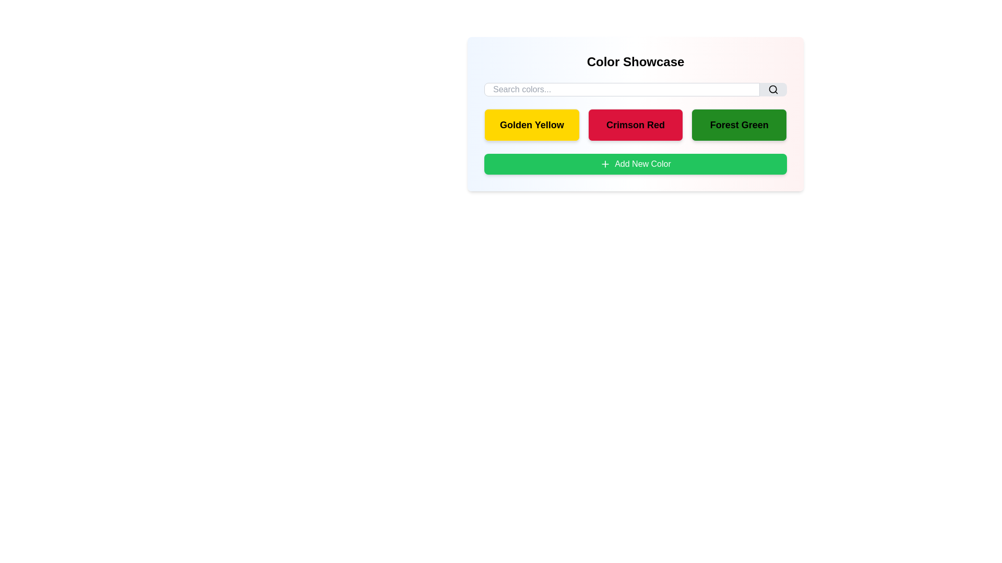  I want to click on the non-interactive button that visually represents 'Golden Yellow', located in the upper section of the interface, to the left of 'Crimson Red' and 'Forest Green', so click(532, 124).